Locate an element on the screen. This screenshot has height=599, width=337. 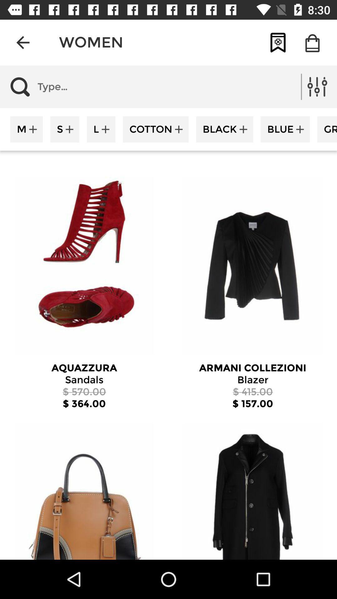
the icon to the right of the women is located at coordinates (278, 42).